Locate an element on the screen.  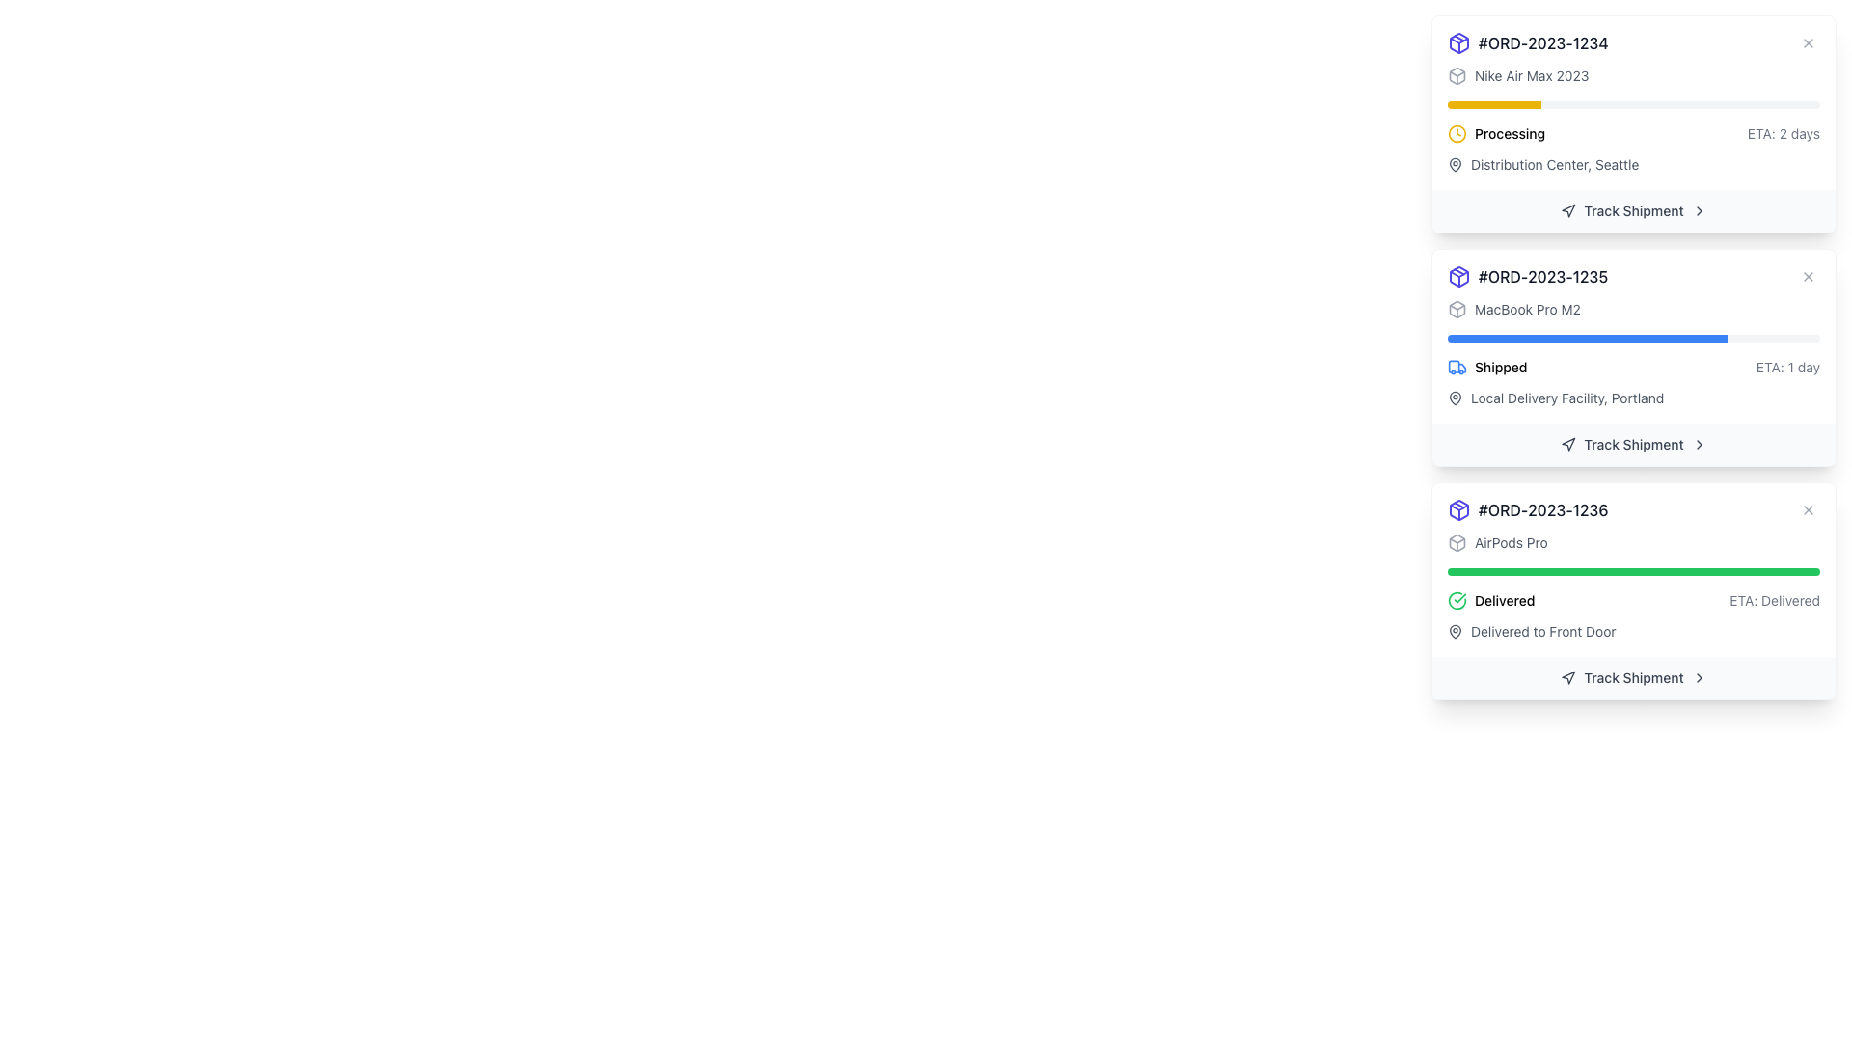
the gray-colored text label that displays 'ETA: Delivered' located in the bottom-right section of the third card is located at coordinates (1775, 600).